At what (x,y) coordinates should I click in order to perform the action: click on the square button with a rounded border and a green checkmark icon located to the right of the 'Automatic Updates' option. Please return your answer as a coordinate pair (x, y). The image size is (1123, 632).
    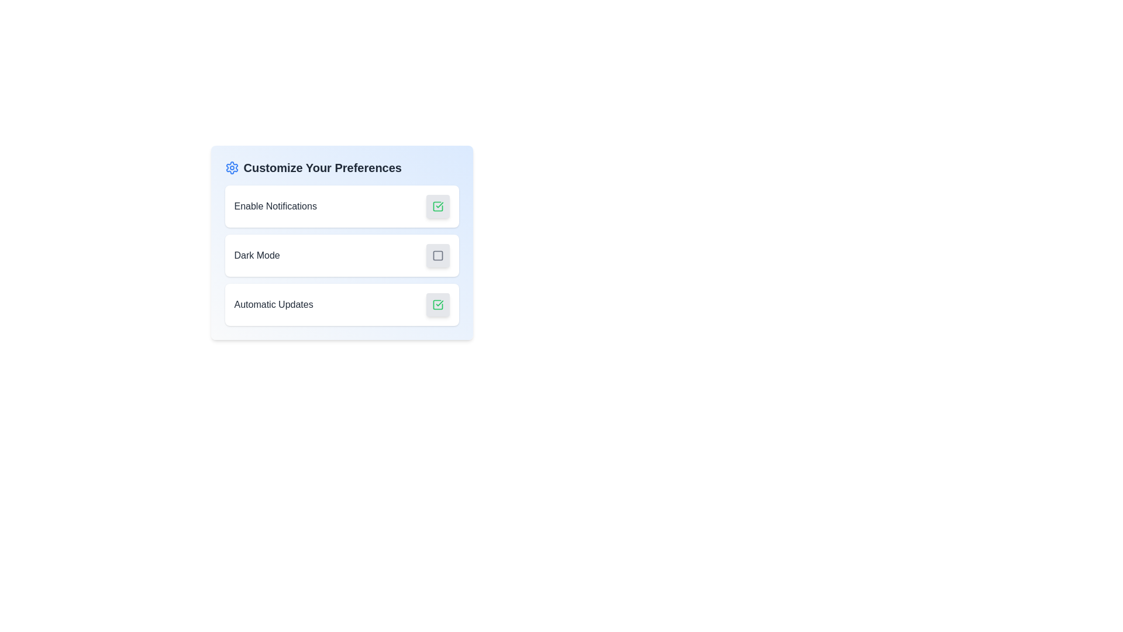
    Looking at the image, I should click on (437, 304).